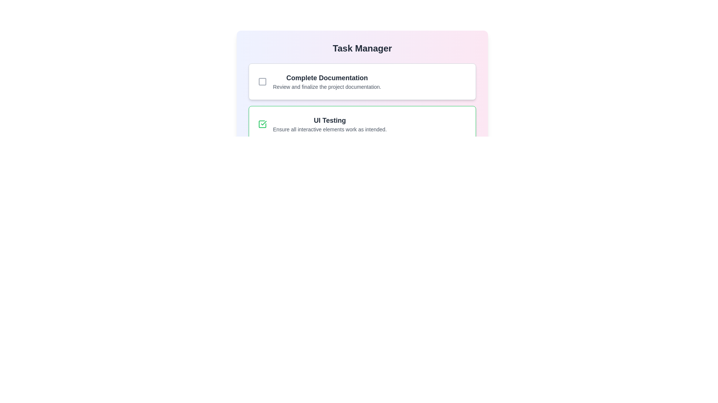 The image size is (718, 403). Describe the element at coordinates (264, 123) in the screenshot. I see `small green check-mark icon located inside the green rectangle to the left of the 'UI Testing' task item for its properties` at that location.